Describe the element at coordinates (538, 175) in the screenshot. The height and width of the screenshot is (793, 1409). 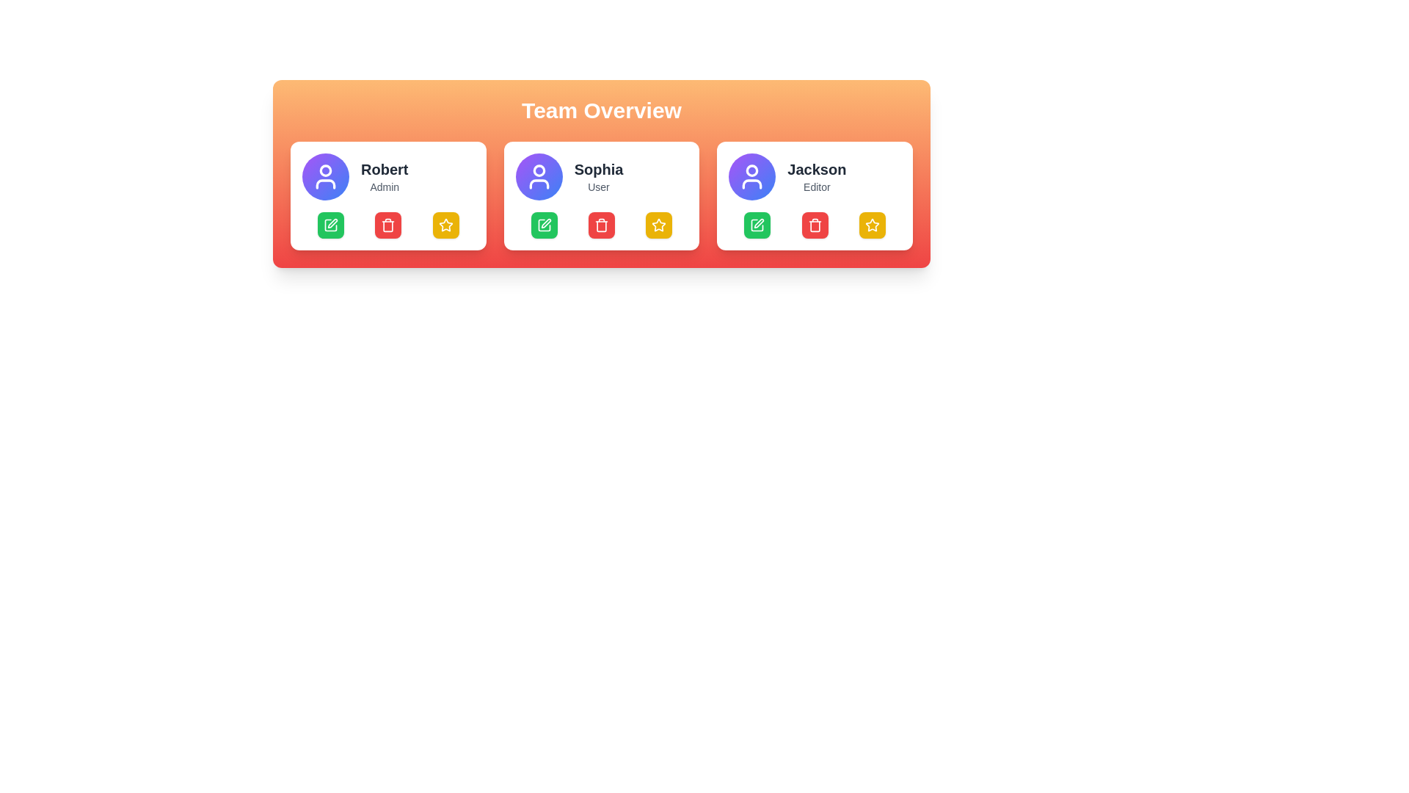
I see `the circular Avatar element with a gradient background and a white user icon, located in the center card under the 'Team Overview' header` at that location.